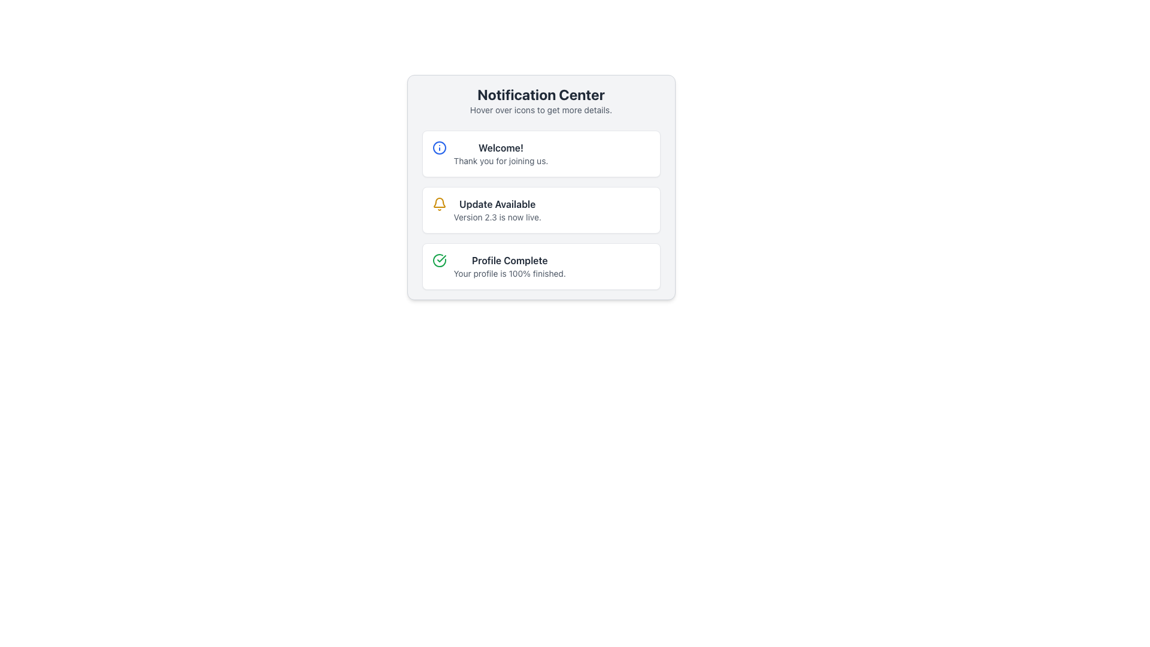 Image resolution: width=1150 pixels, height=647 pixels. Describe the element at coordinates (540, 265) in the screenshot. I see `the third notification card in the Notification Center that displays 'Profile Complete'` at that location.